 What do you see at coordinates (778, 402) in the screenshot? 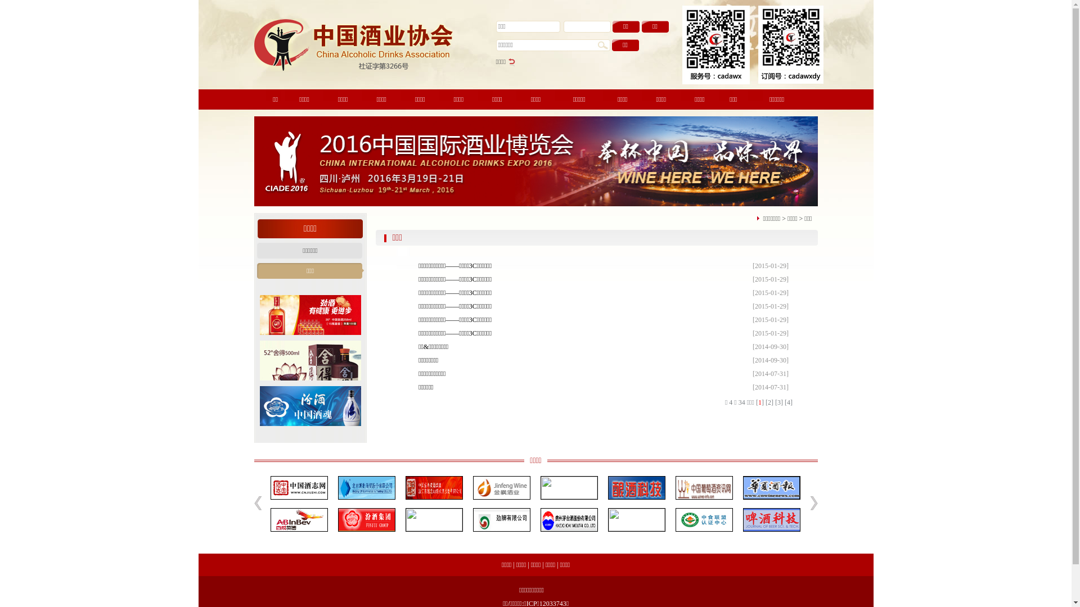
I see `'[3]'` at bounding box center [778, 402].